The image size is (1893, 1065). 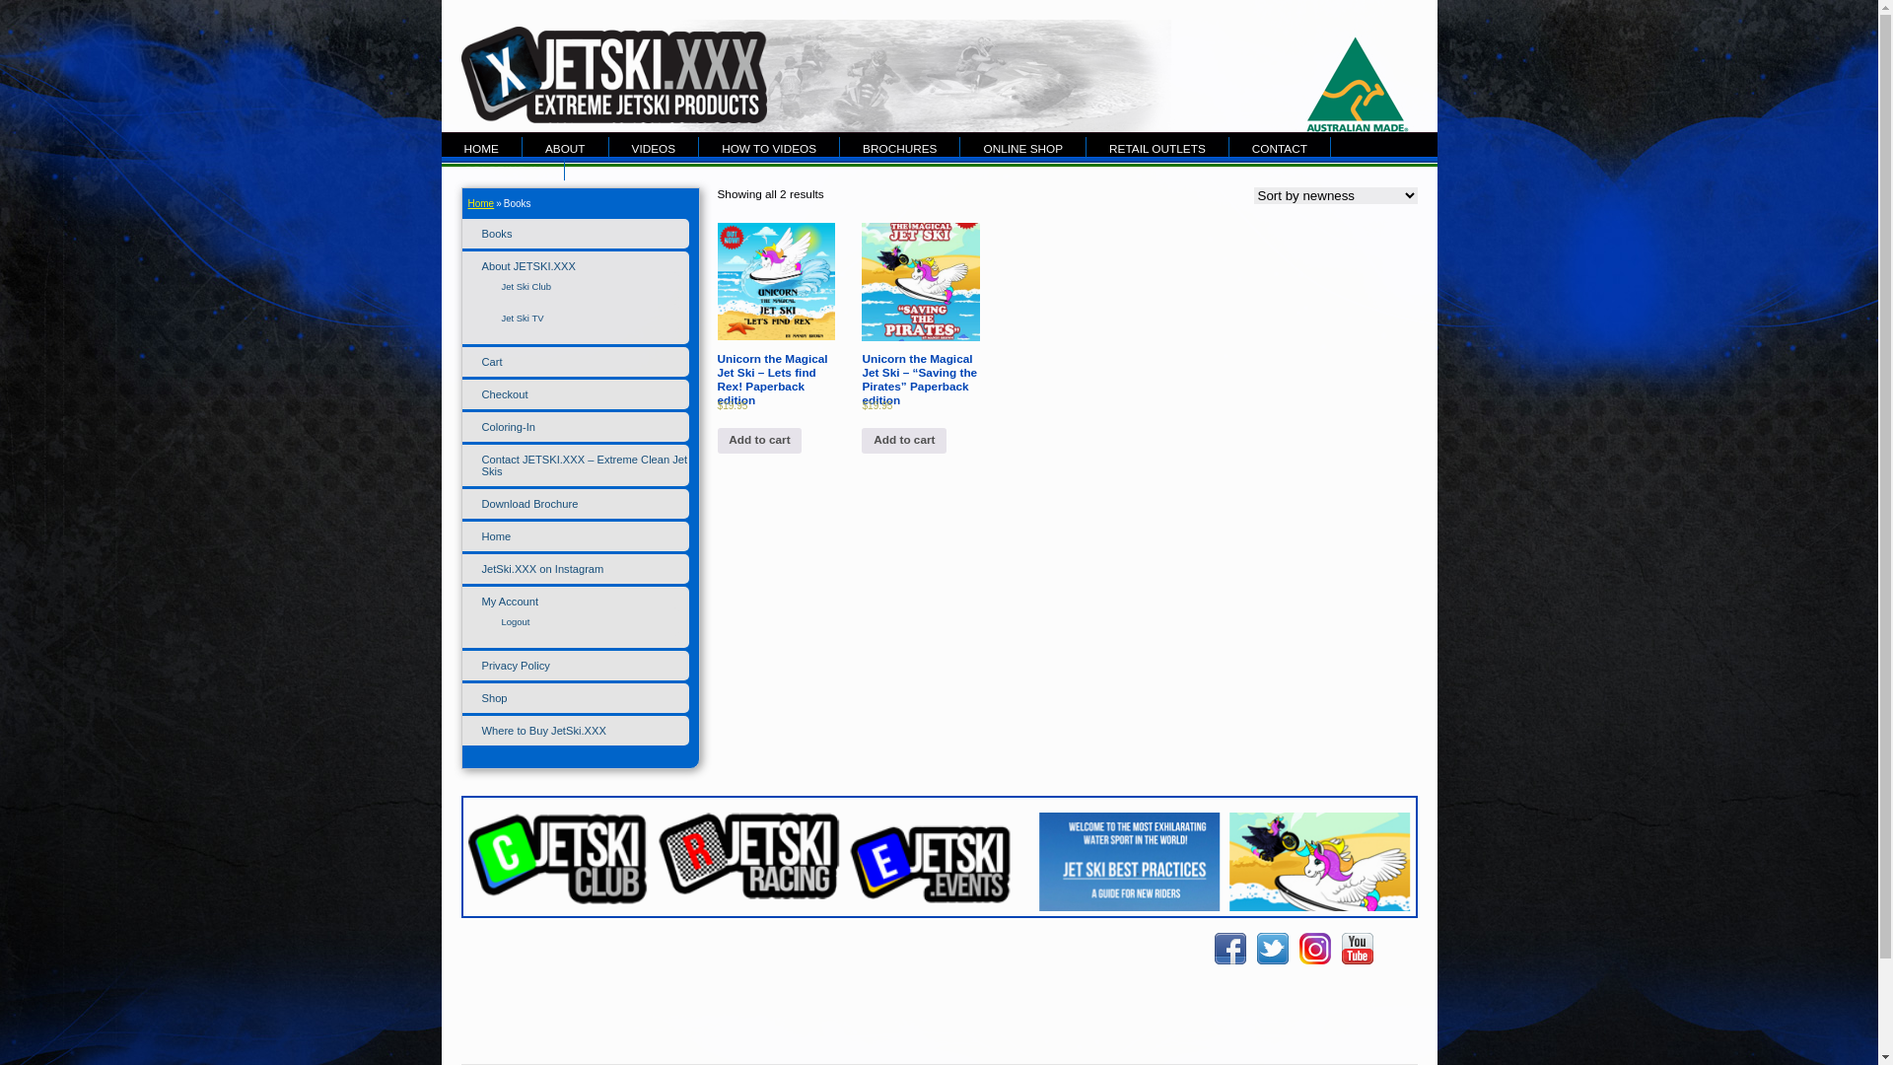 What do you see at coordinates (1129, 871) in the screenshot?
I see `'JSBP'` at bounding box center [1129, 871].